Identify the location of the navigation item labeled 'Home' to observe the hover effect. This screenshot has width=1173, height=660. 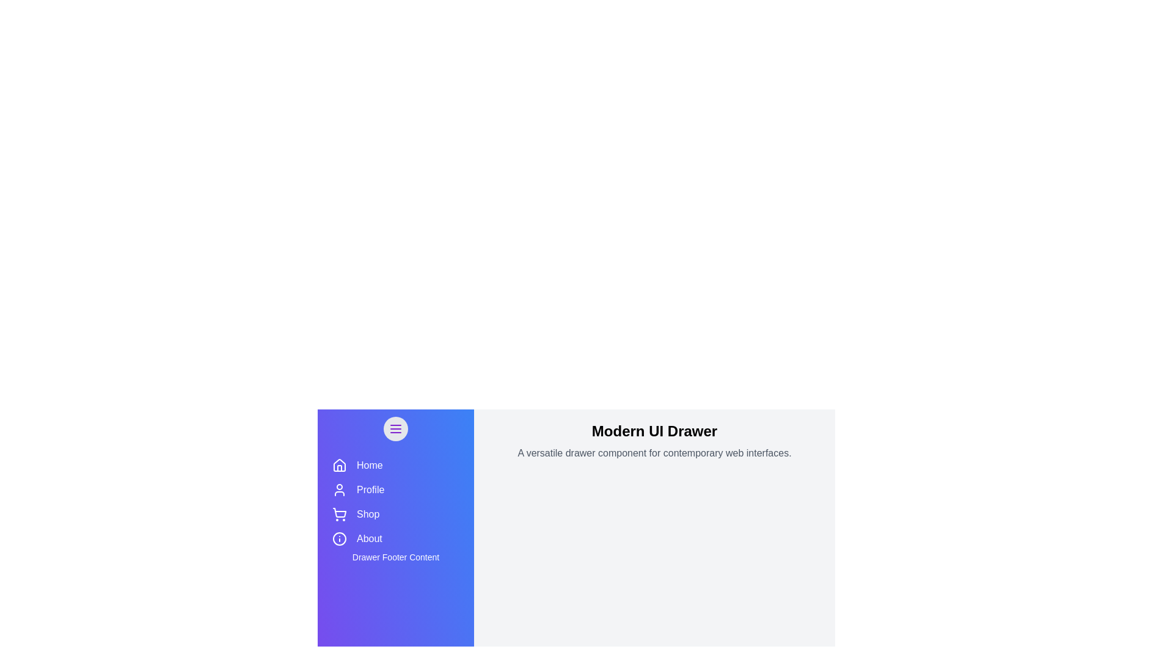
(396, 466).